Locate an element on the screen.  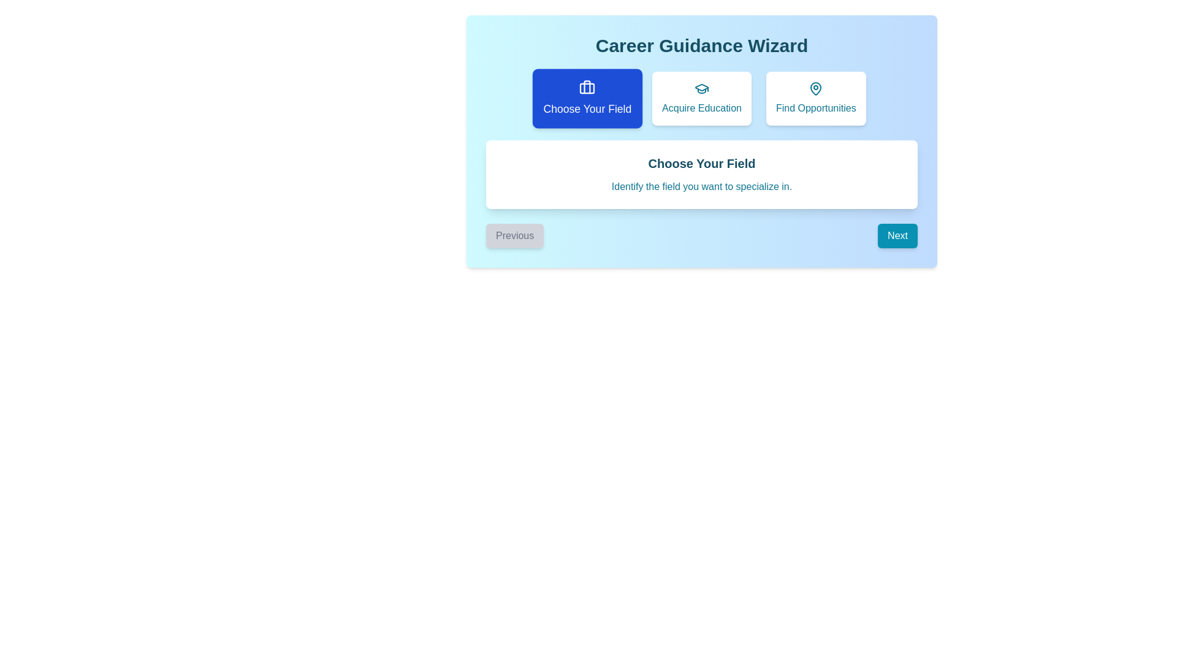
the triangular-shaped graduation cap icon located at the top-center of the 'Acquire Education' box within the group of three boxes is located at coordinates (702, 86).